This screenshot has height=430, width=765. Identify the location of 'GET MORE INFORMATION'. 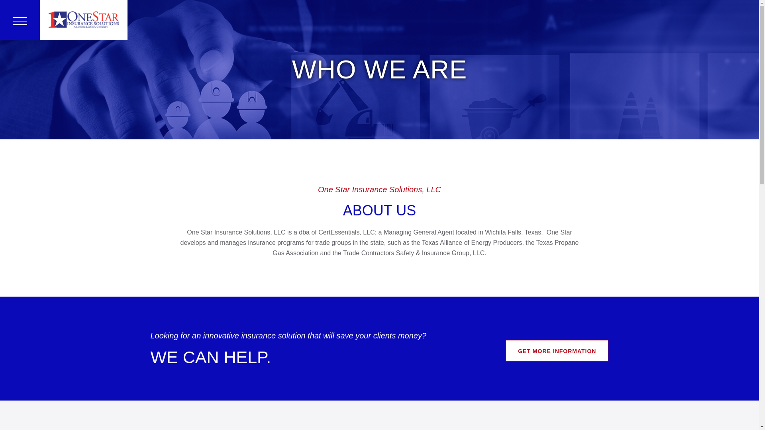
(556, 350).